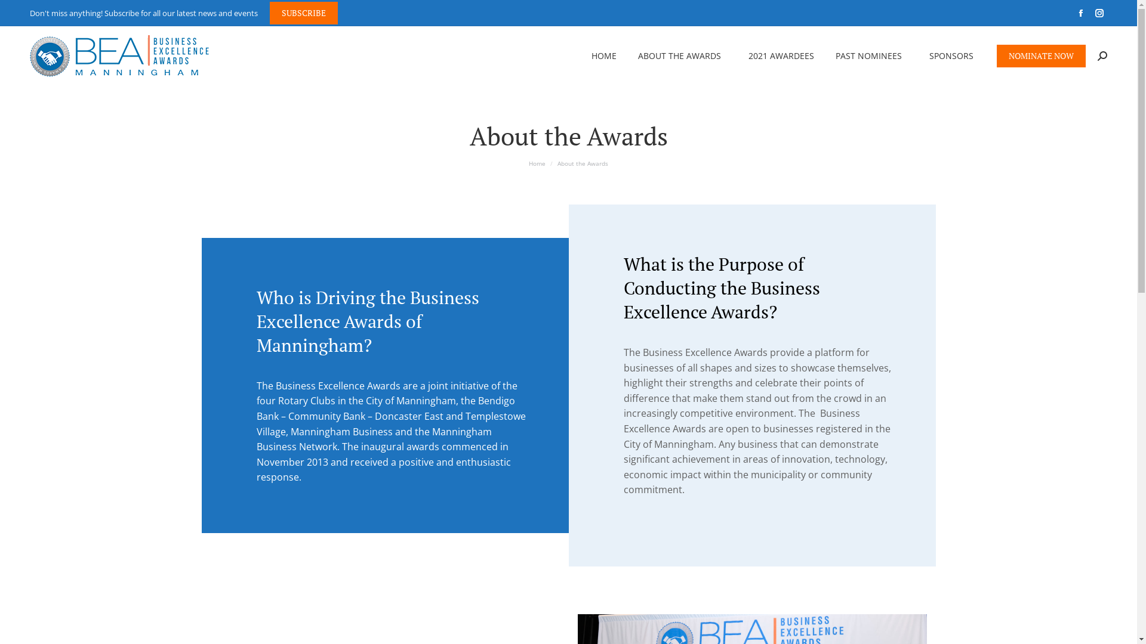 The image size is (1146, 644). I want to click on 'PAST NOMINEES', so click(871, 55).